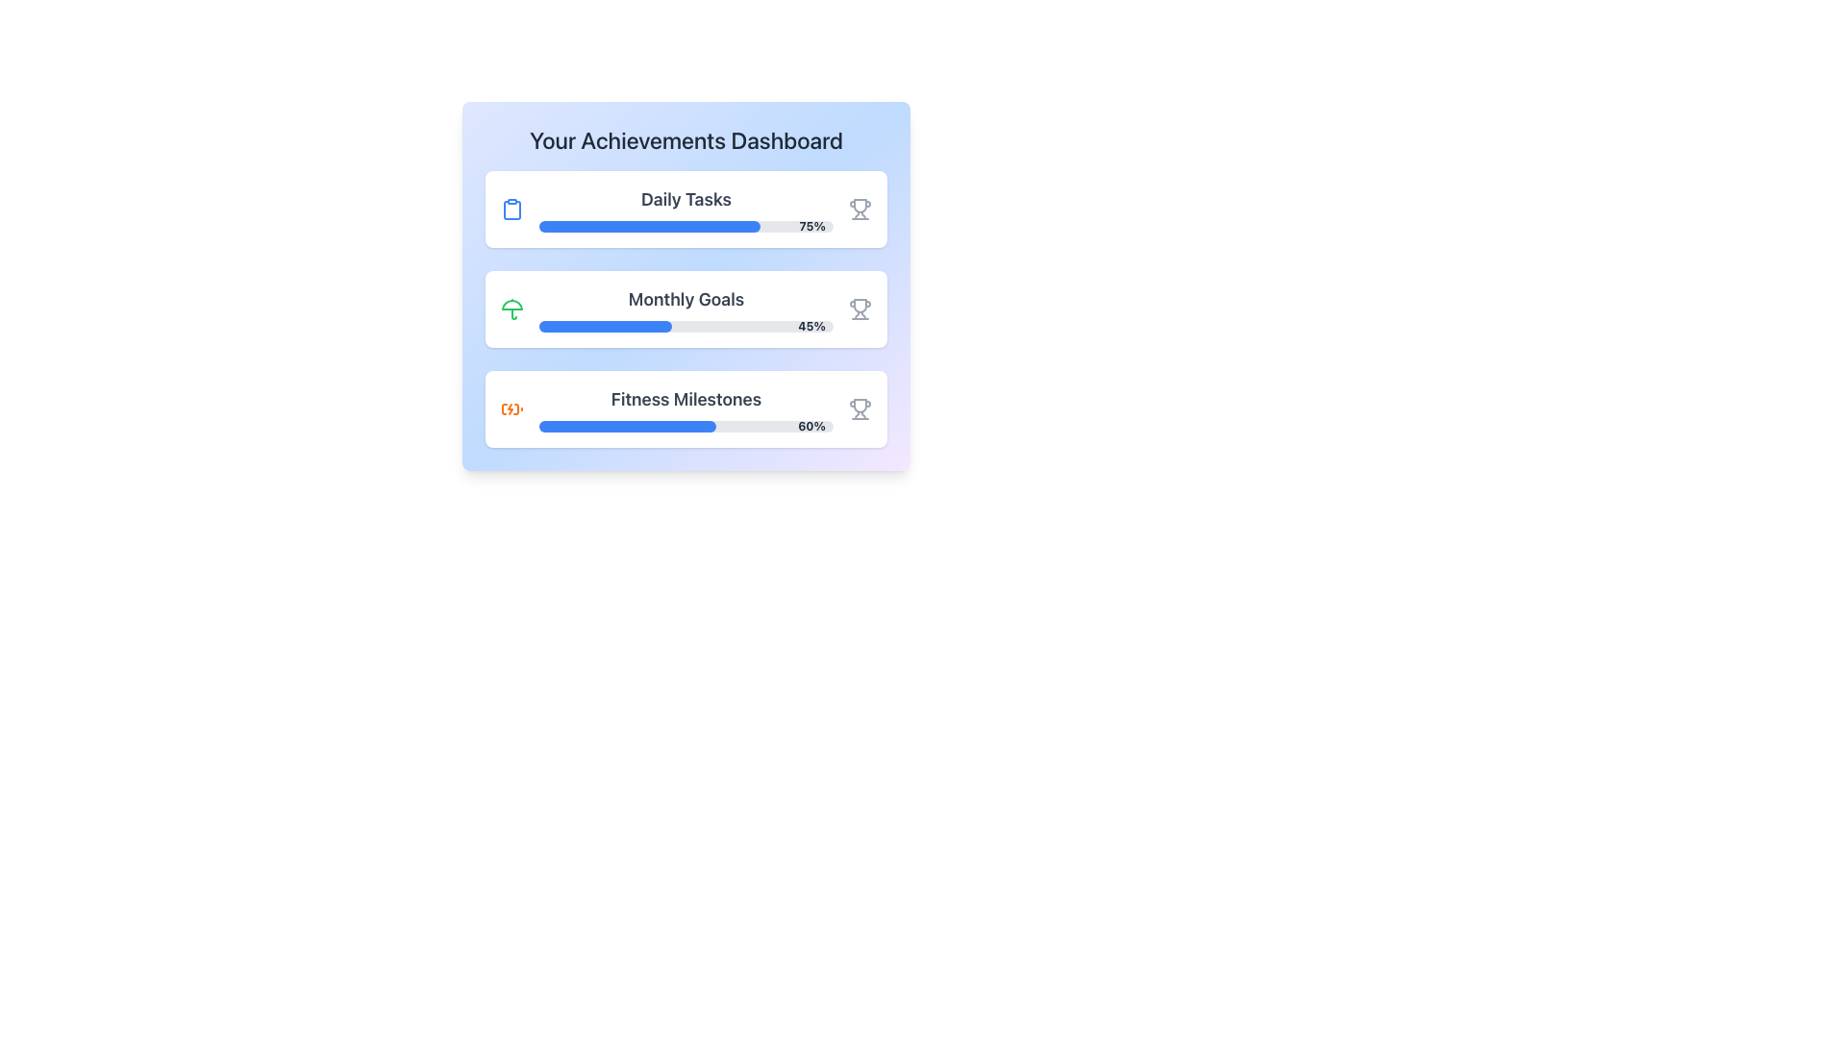 The width and height of the screenshot is (1846, 1038). What do you see at coordinates (815, 425) in the screenshot?
I see `the text label displaying '60%' in bold, dark gray font, which is located at the far-right end of the 'Fitness Milestones' progress bar` at bounding box center [815, 425].